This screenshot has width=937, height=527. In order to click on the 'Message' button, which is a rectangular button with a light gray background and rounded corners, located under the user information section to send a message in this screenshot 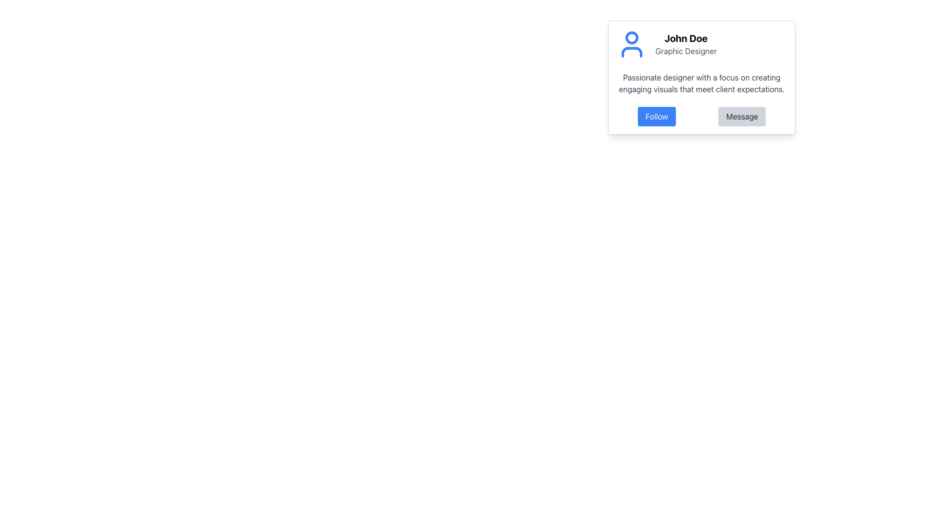, I will do `click(742, 116)`.